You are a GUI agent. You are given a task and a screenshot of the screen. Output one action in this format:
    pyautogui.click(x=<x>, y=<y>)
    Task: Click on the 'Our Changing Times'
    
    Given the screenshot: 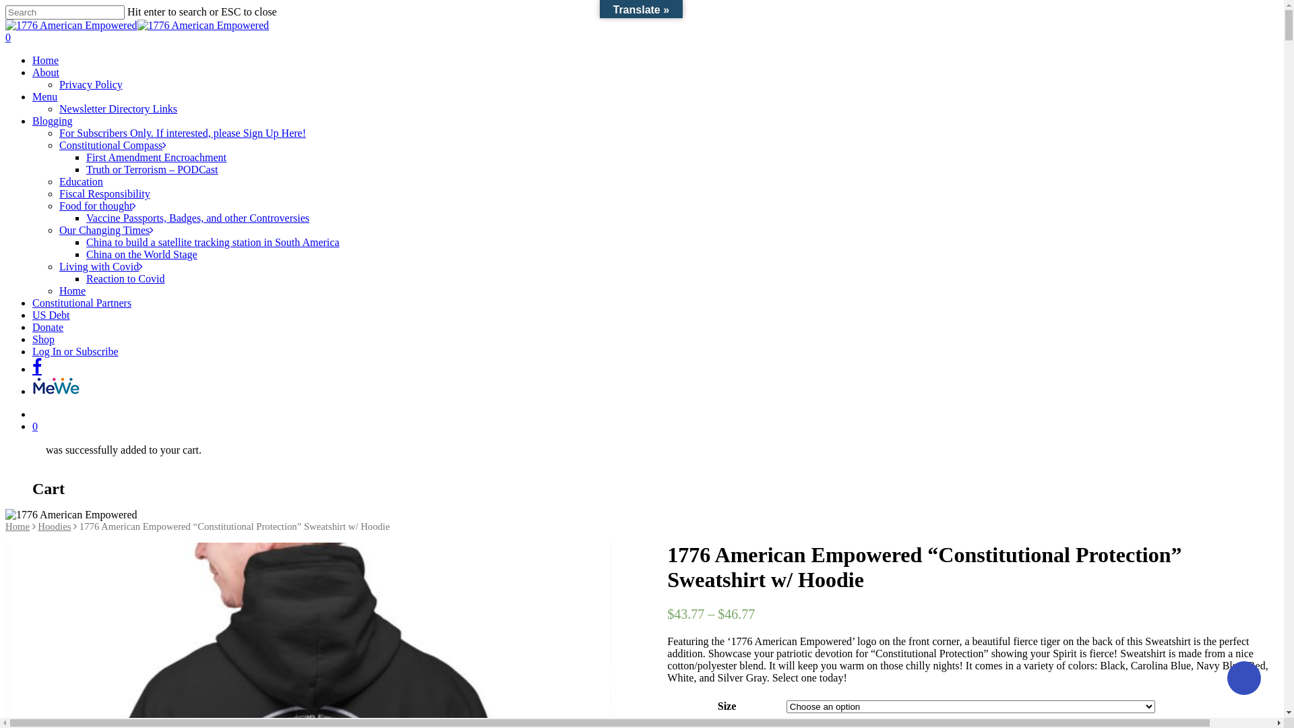 What is the action you would take?
    pyautogui.click(x=106, y=229)
    